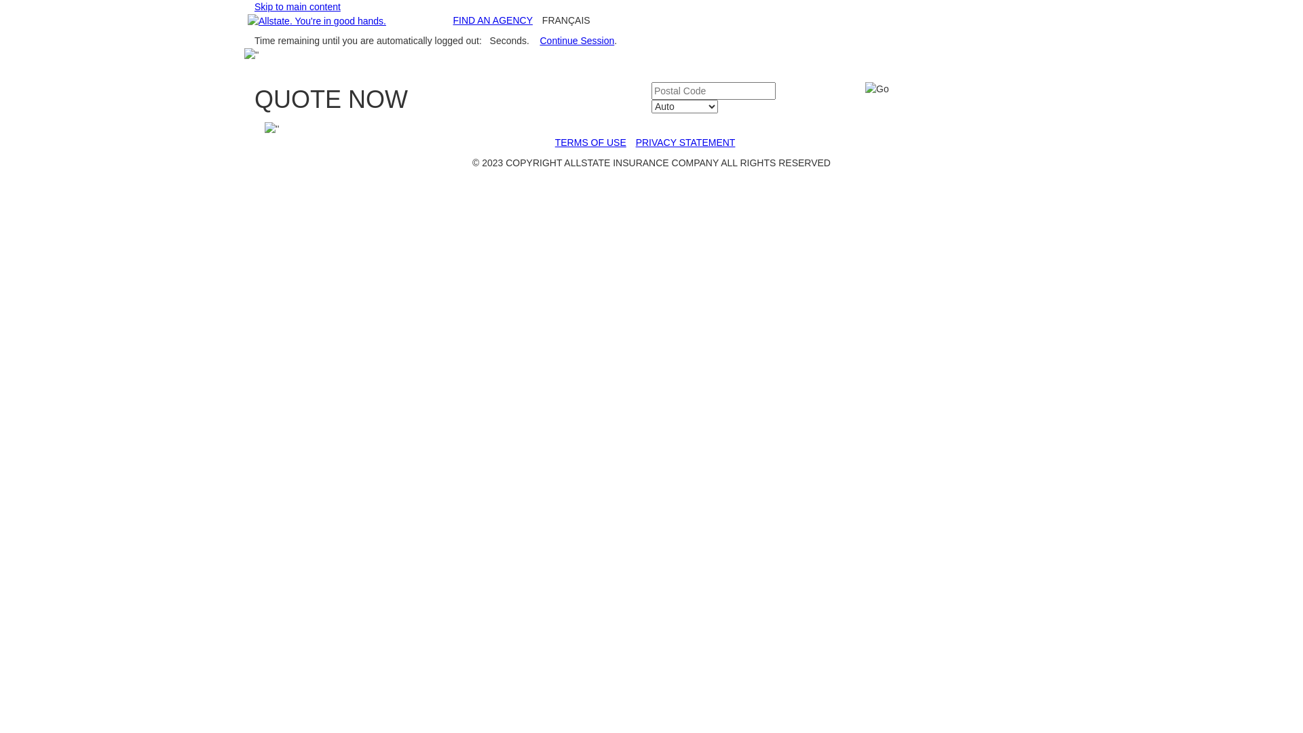 This screenshot has height=733, width=1303. What do you see at coordinates (316, 20) in the screenshot?
I see `'Allstate Insurance'` at bounding box center [316, 20].